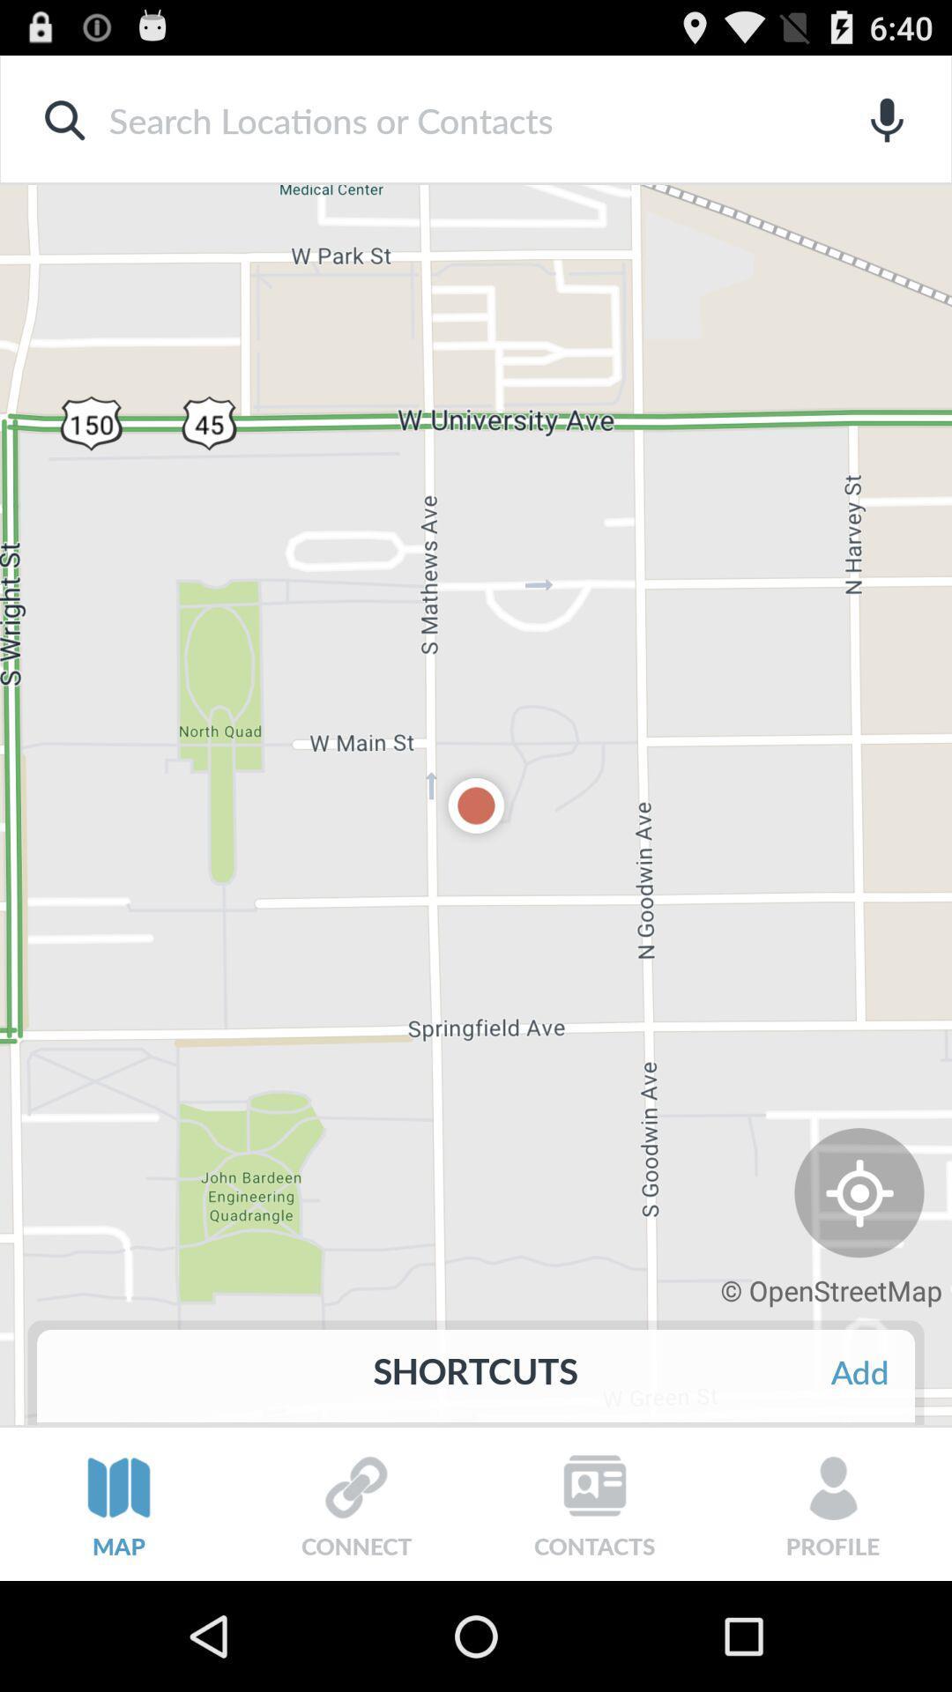  Describe the element at coordinates (447, 119) in the screenshot. I see `search bar` at that location.